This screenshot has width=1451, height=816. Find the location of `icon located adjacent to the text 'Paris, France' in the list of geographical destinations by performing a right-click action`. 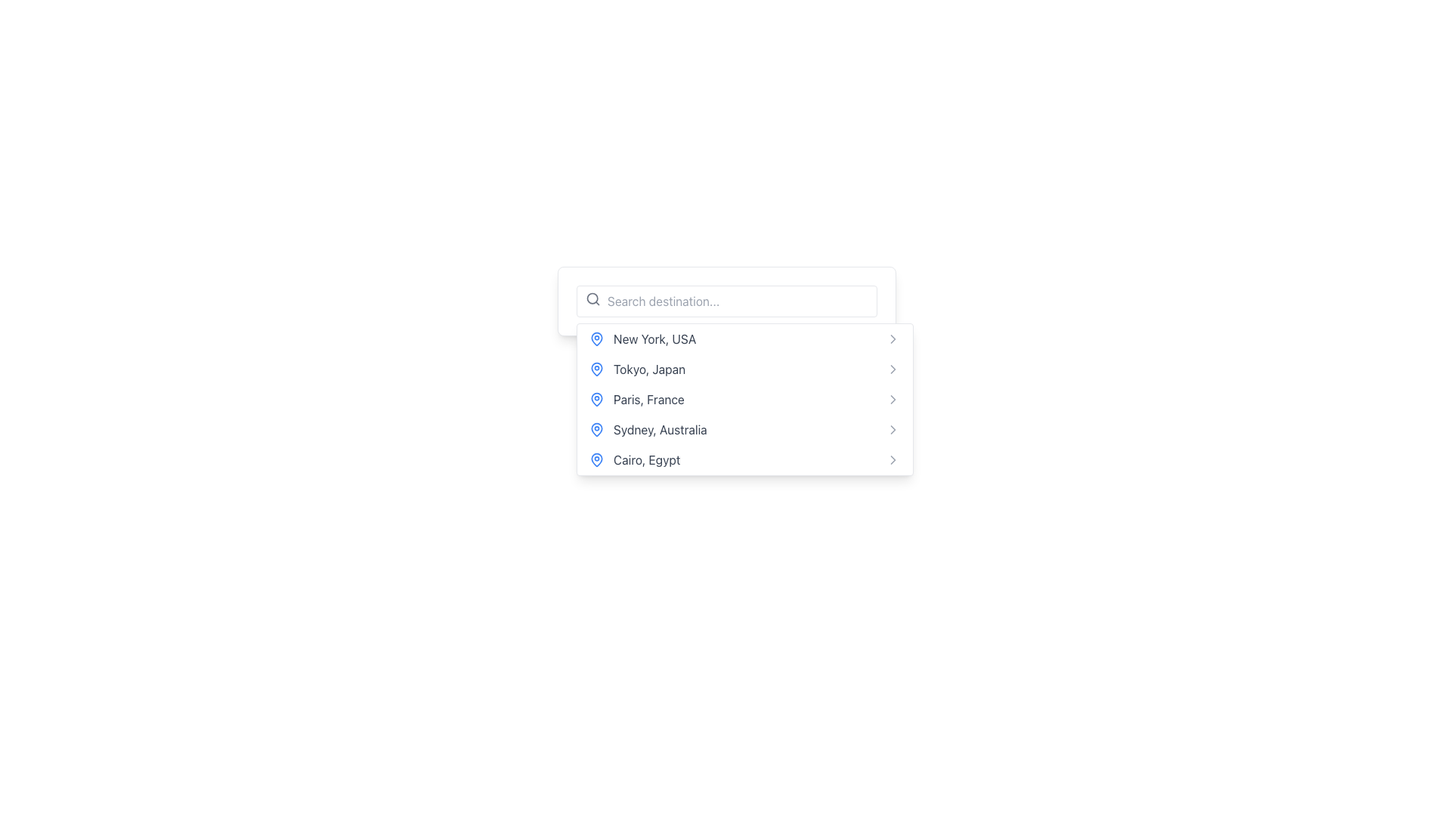

icon located adjacent to the text 'Paris, France' in the list of geographical destinations by performing a right-click action is located at coordinates (596, 398).